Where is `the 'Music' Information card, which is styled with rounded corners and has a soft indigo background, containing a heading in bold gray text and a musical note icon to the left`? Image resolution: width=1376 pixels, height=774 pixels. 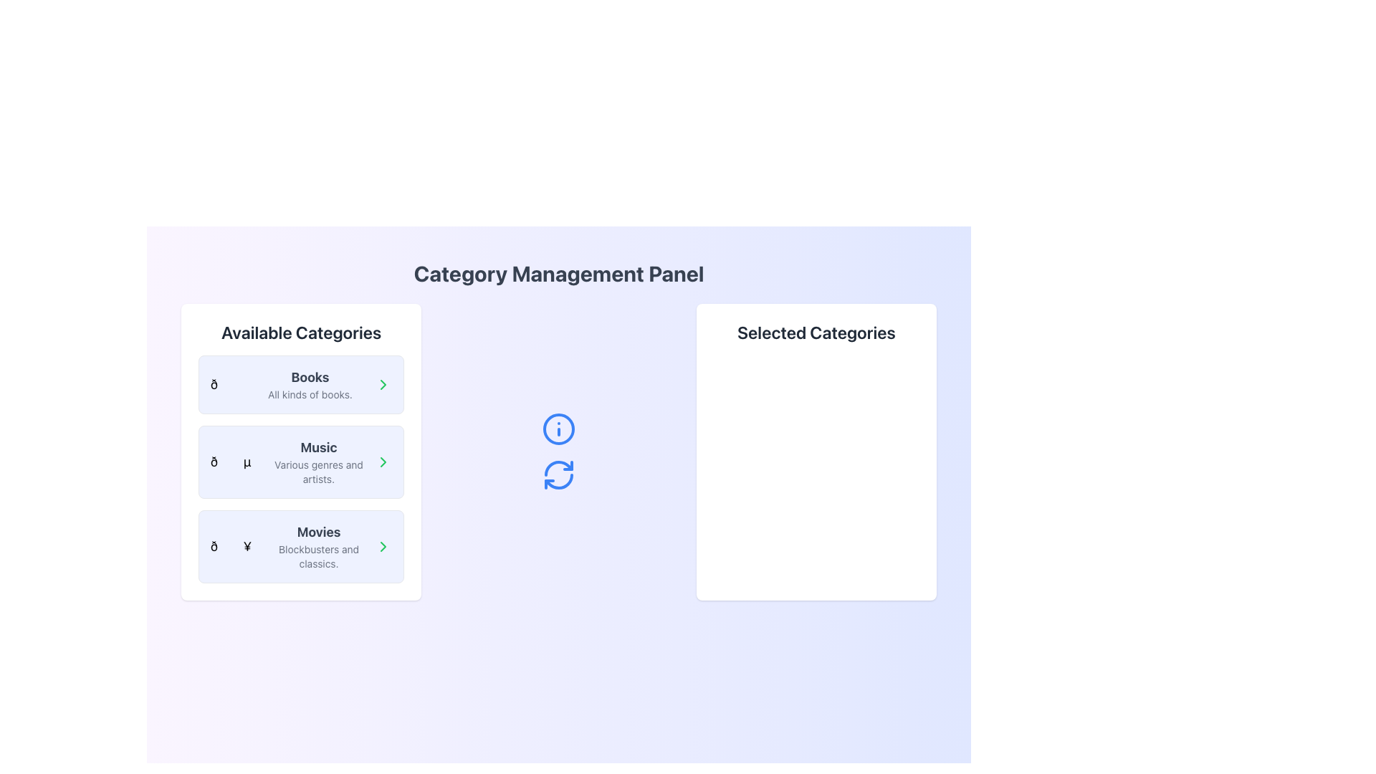
the 'Music' Information card, which is styled with rounded corners and has a soft indigo background, containing a heading in bold gray text and a musical note icon to the left is located at coordinates (300, 462).